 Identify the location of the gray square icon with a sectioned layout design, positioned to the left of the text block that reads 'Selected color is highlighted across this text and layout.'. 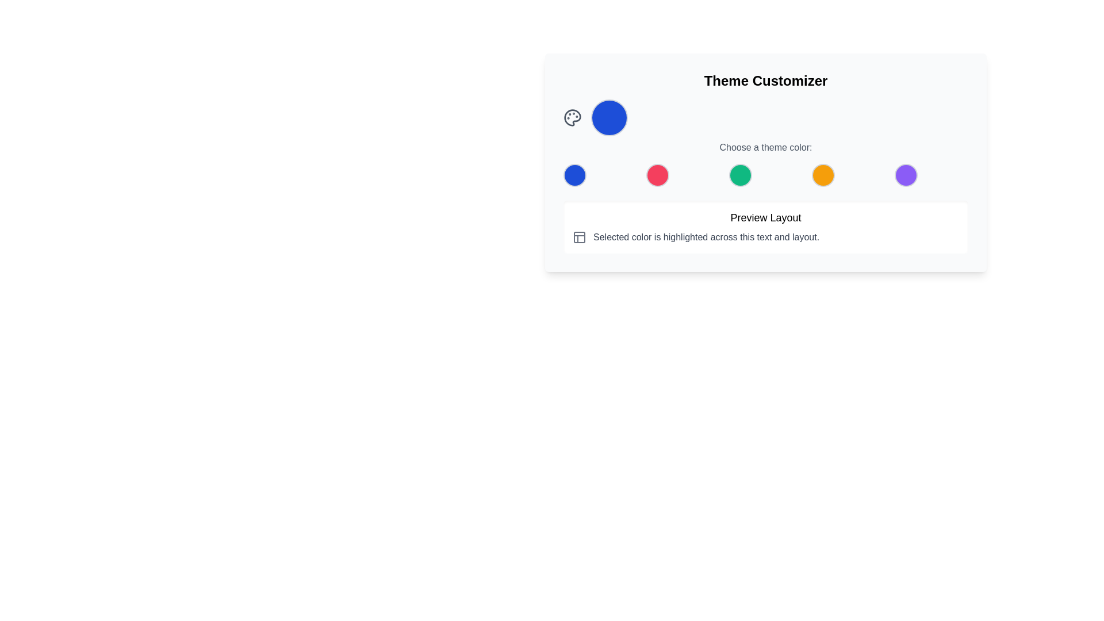
(580, 236).